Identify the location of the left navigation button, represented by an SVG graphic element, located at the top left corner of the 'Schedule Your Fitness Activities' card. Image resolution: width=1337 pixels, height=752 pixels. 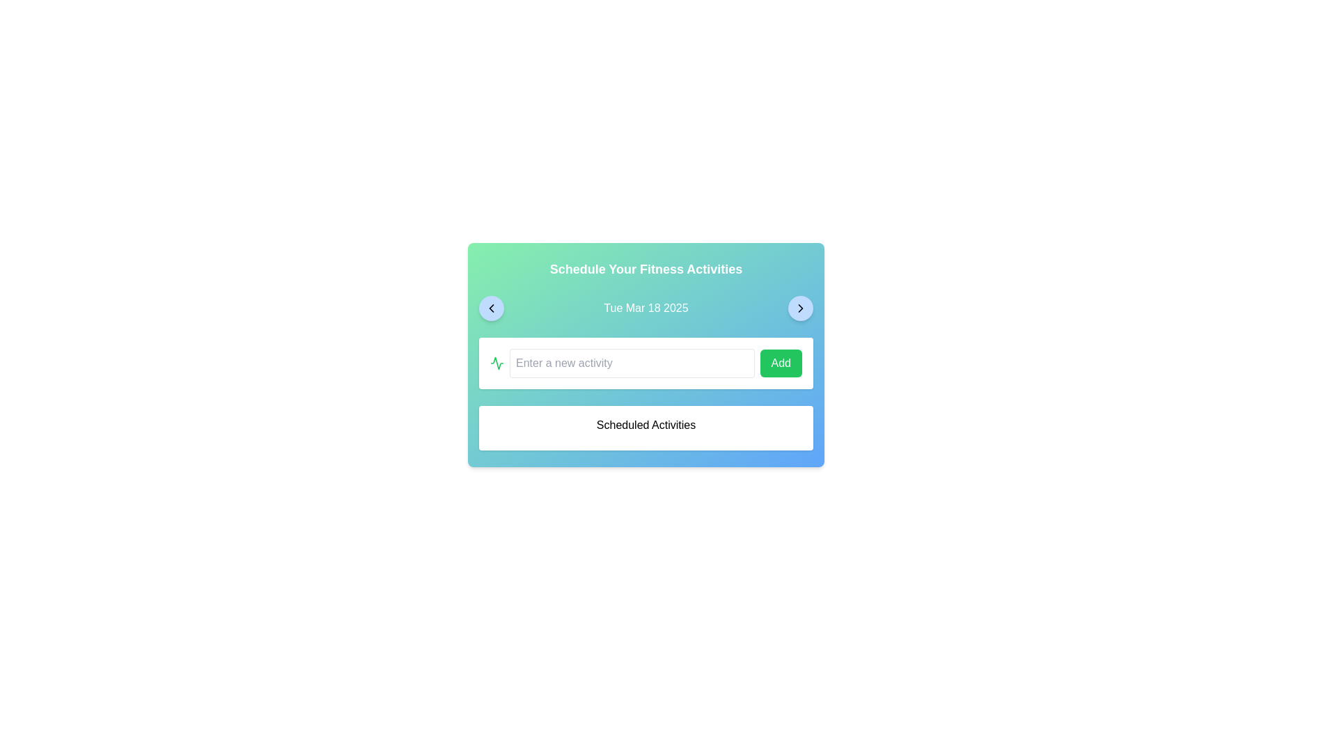
(491, 308).